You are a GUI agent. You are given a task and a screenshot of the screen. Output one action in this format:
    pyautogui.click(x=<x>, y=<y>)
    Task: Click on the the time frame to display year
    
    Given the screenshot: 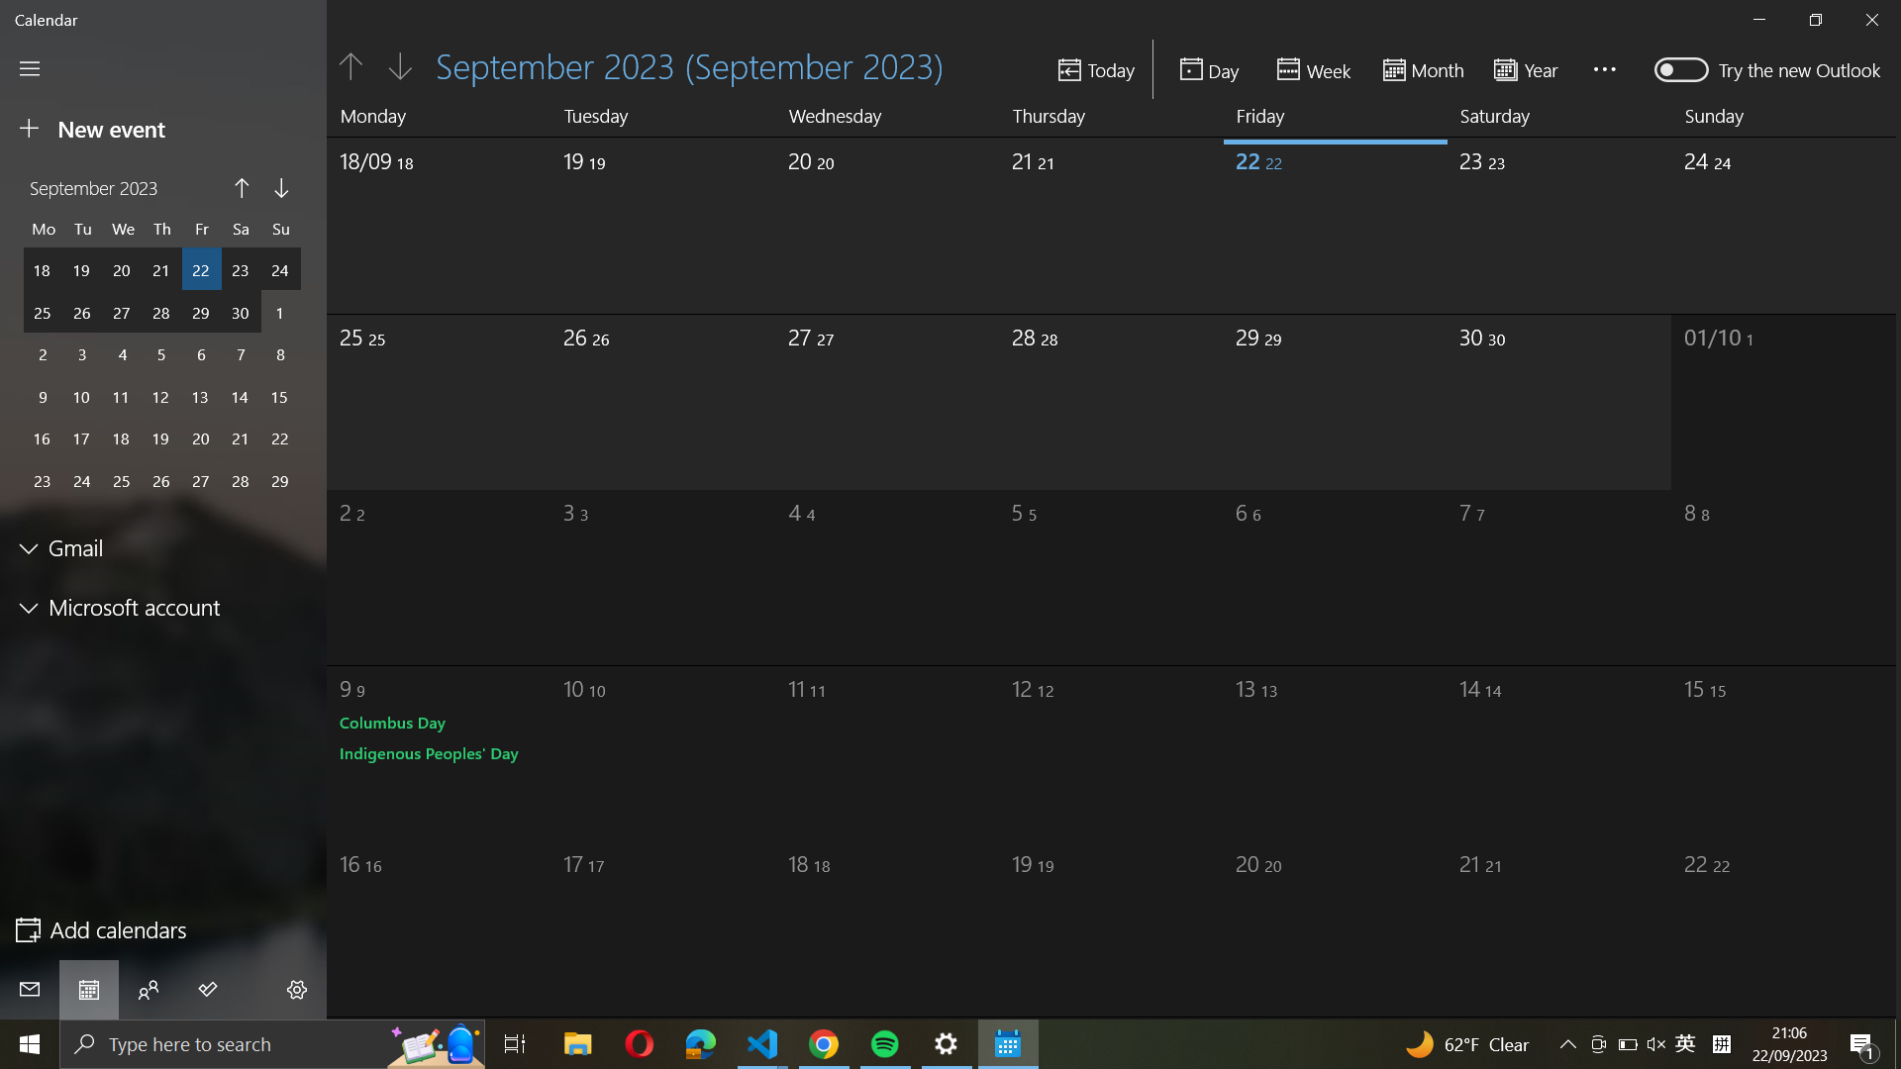 What is the action you would take?
    pyautogui.click(x=1532, y=67)
    